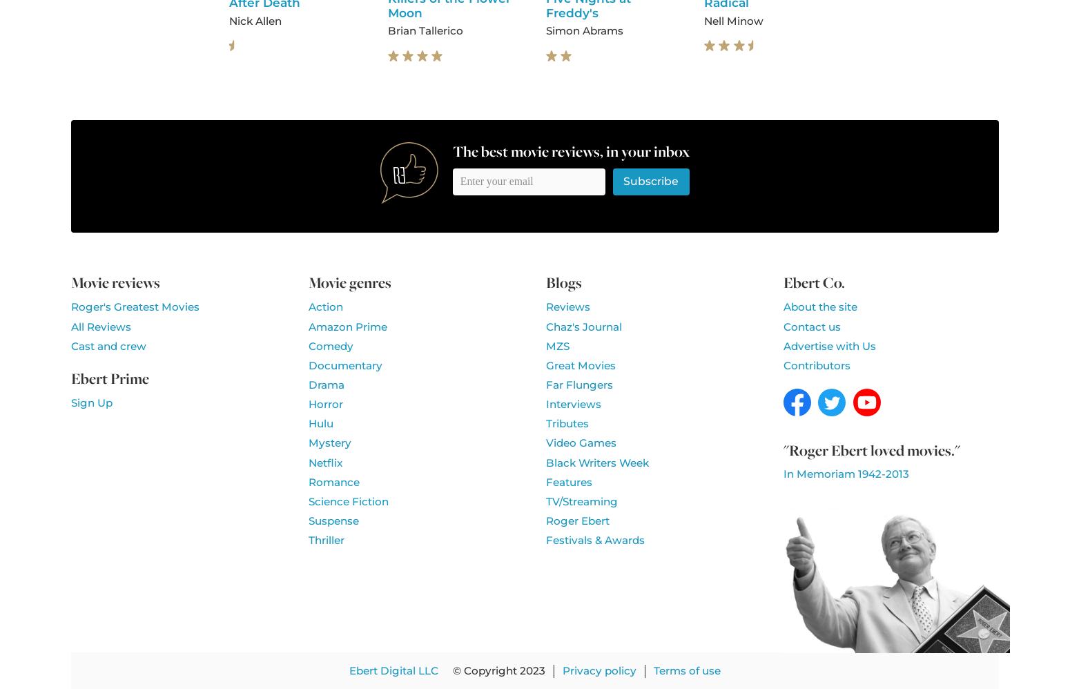  I want to click on 'Contact us', so click(781, 325).